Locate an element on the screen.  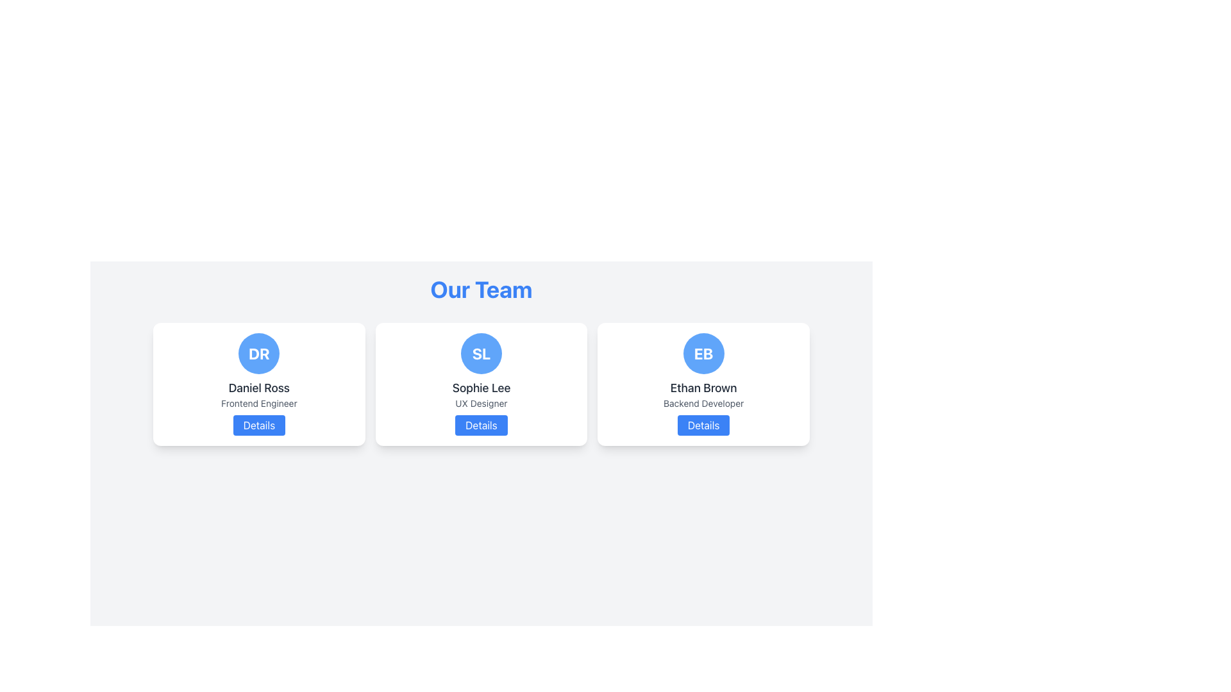
the rectangular button with a blue background and white text labeled 'Details', located at the bottom of the card for Sophie Lee, a UX Designer is located at coordinates (480, 425).